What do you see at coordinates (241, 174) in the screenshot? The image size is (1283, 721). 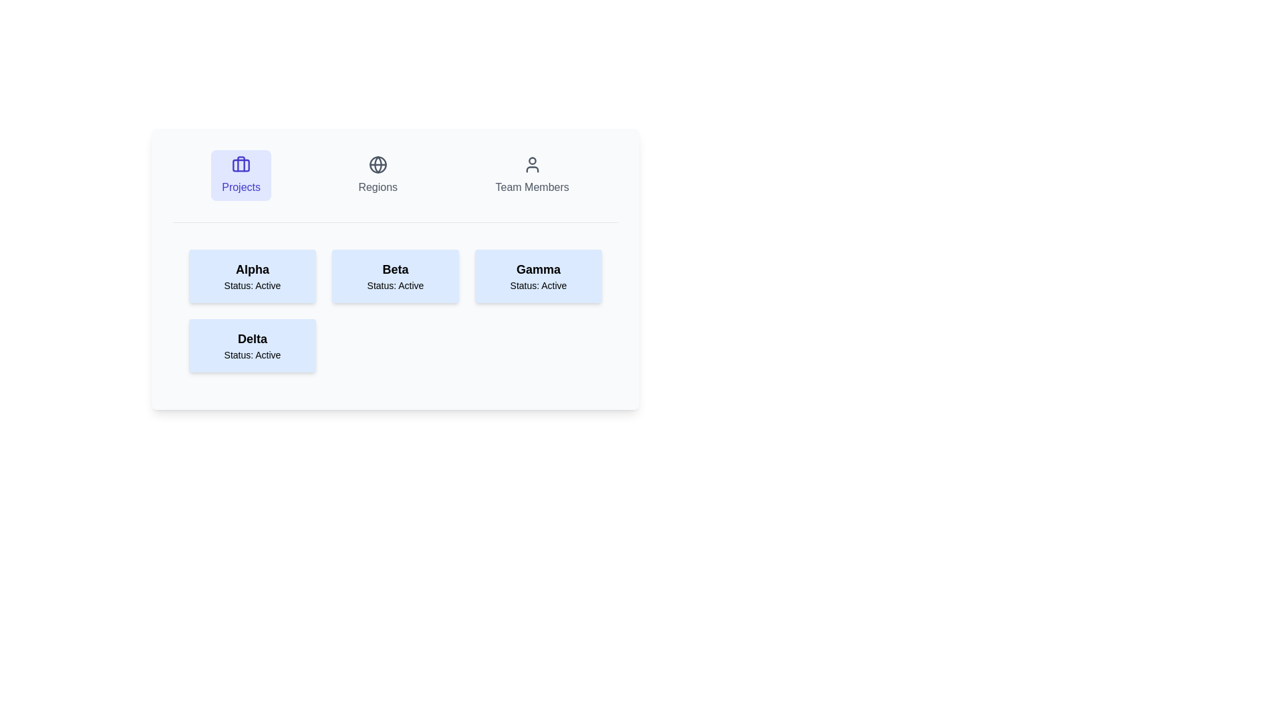 I see `the Projects tab by clicking on its button` at bounding box center [241, 174].